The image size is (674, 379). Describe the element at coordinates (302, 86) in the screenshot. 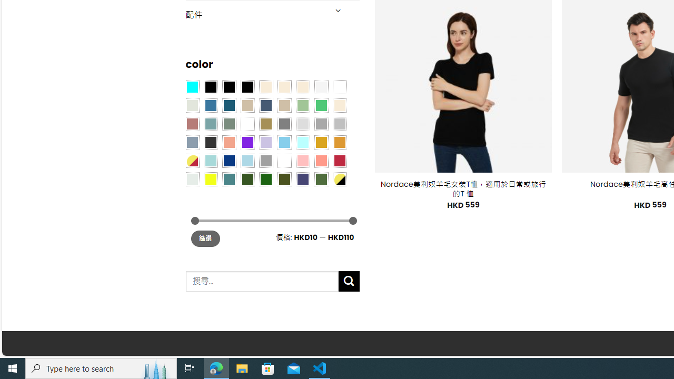

I see `'Cream'` at that location.